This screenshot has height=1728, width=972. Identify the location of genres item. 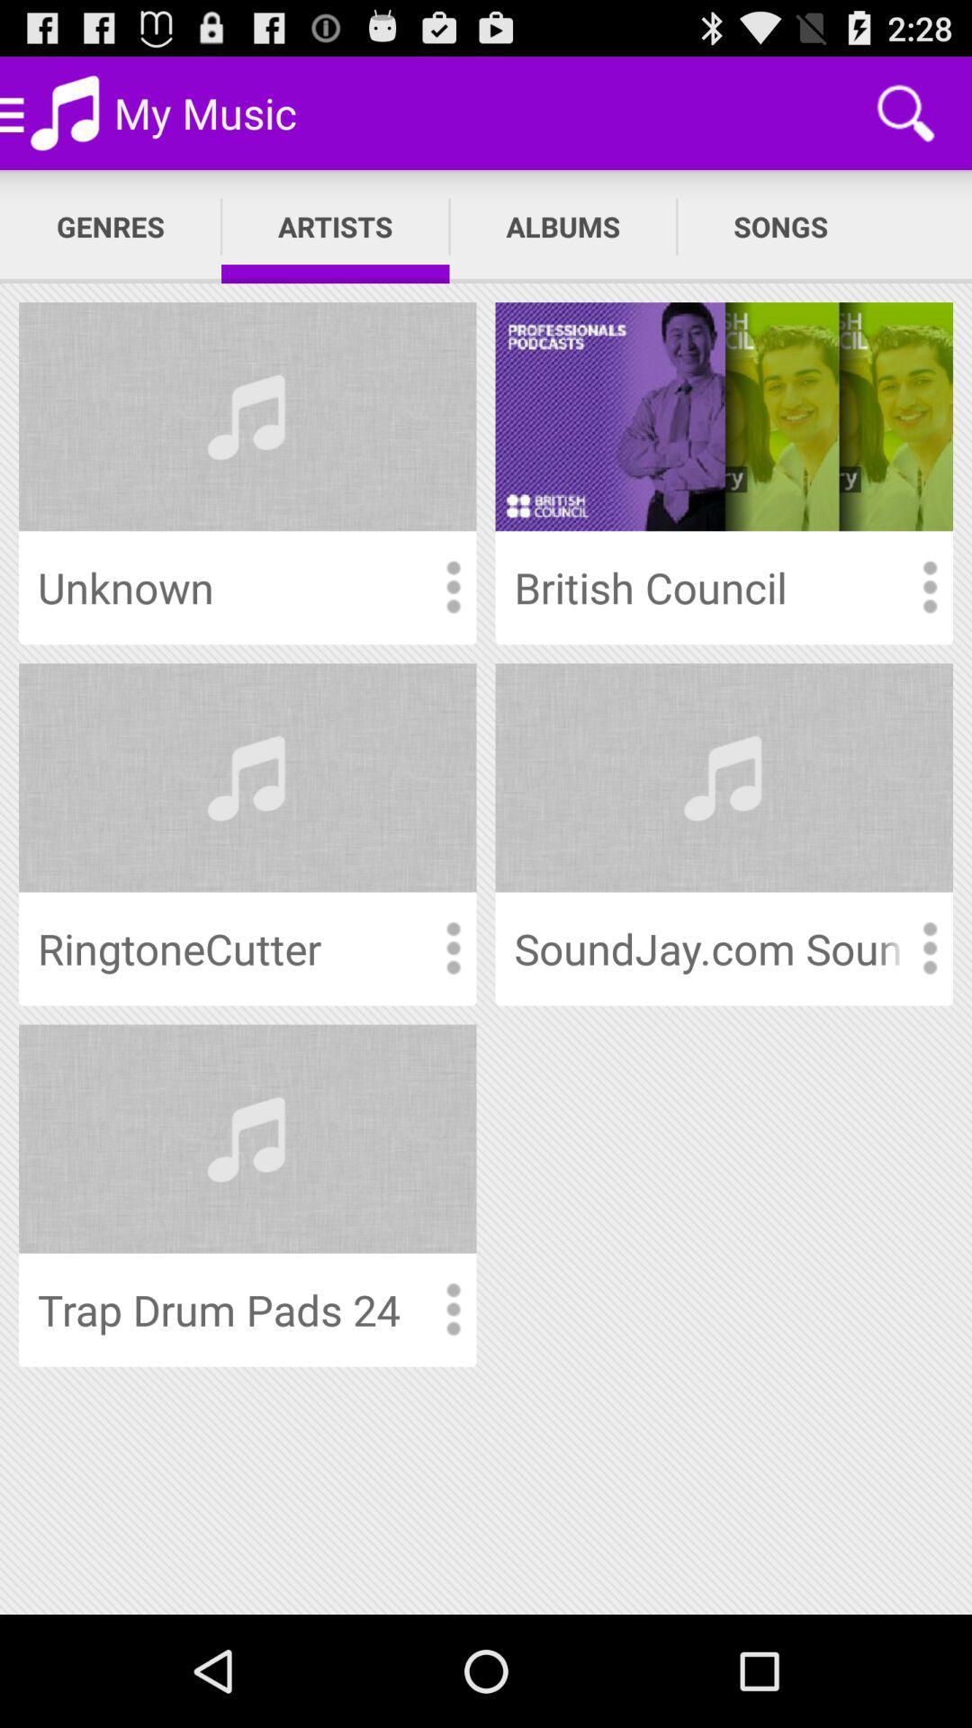
(111, 226).